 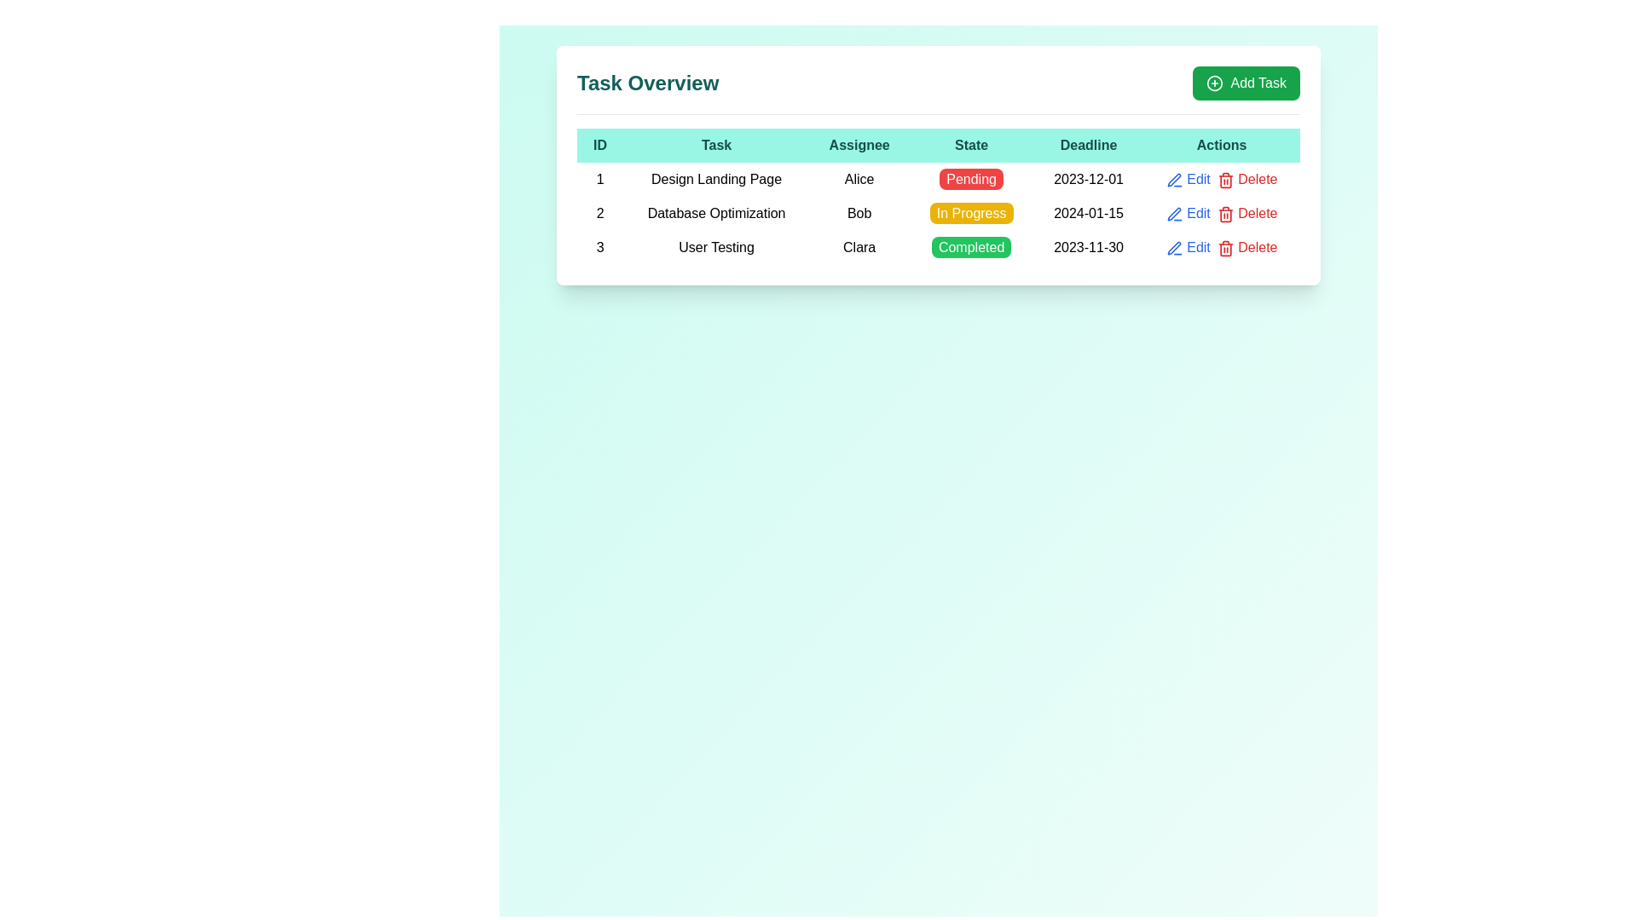 I want to click on the text label displaying 'Assignee' which is the third column header in the Task Overview table, positioned between 'Task' and 'State', so click(x=859, y=144).